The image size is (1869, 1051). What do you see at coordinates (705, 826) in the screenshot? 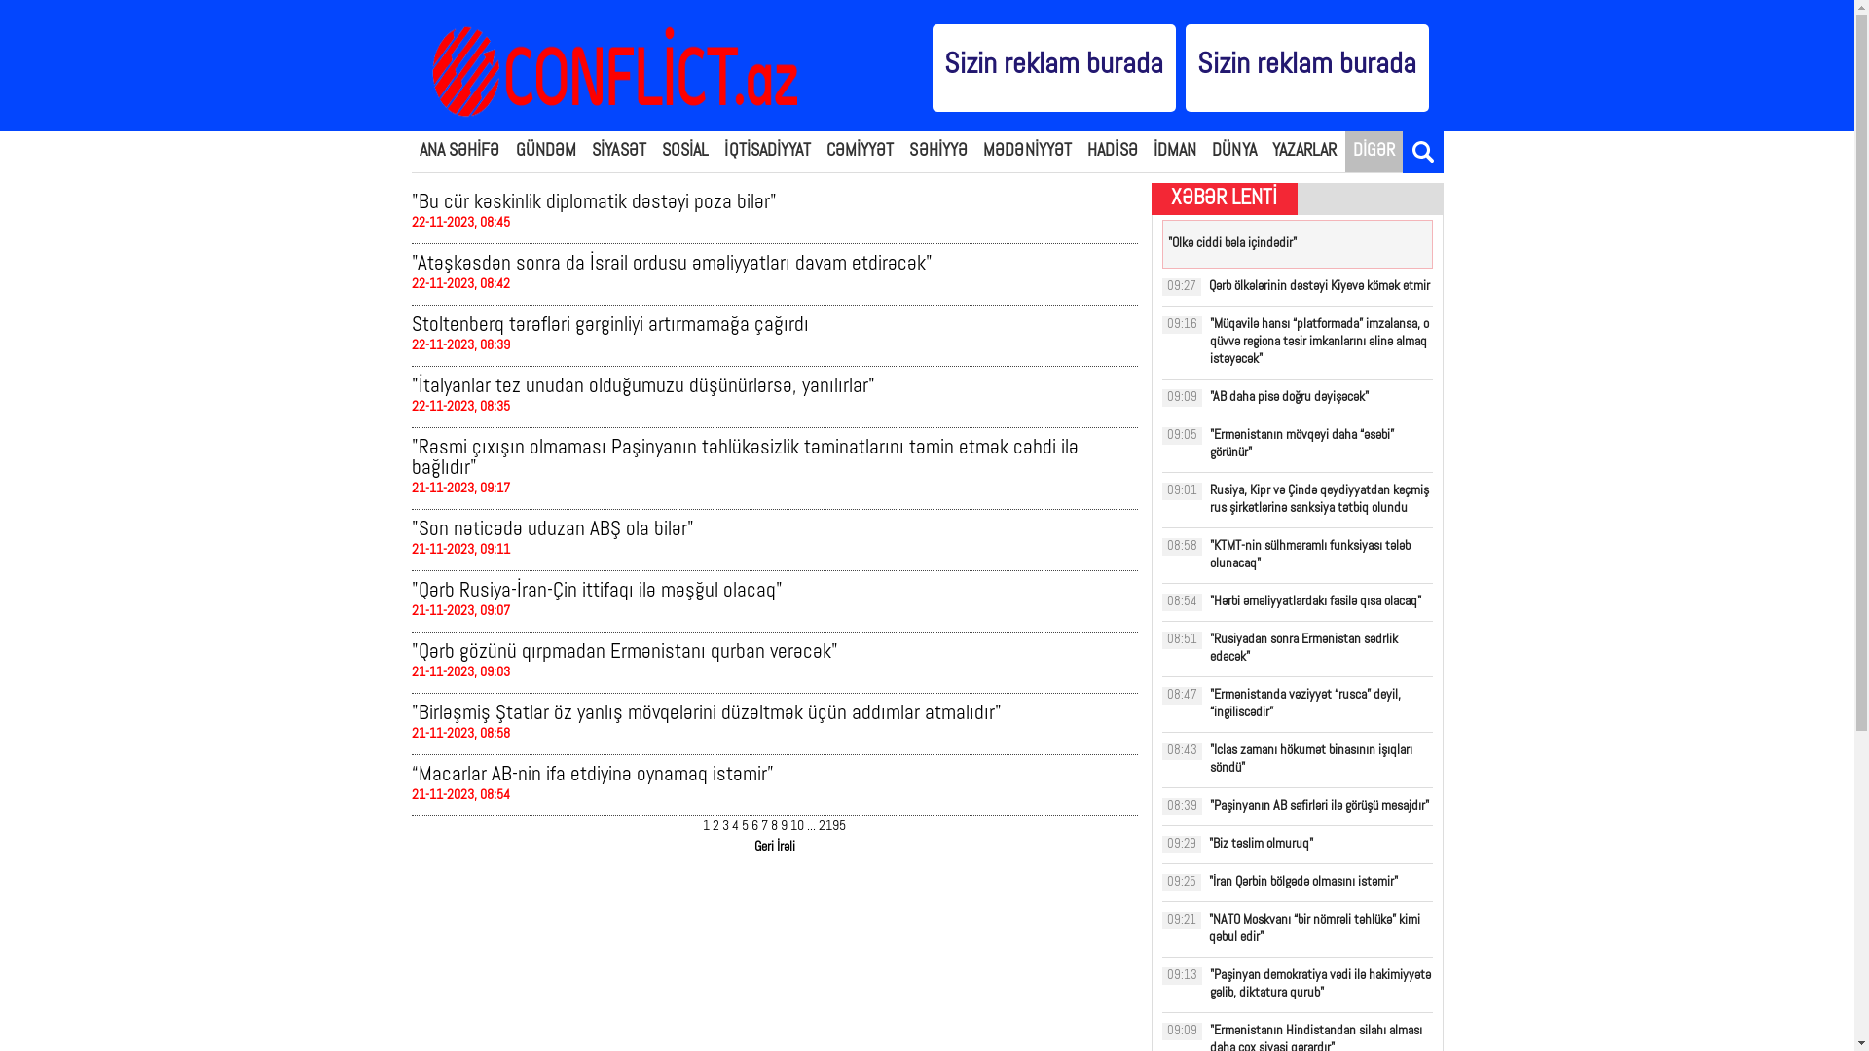
I see `'1'` at bounding box center [705, 826].